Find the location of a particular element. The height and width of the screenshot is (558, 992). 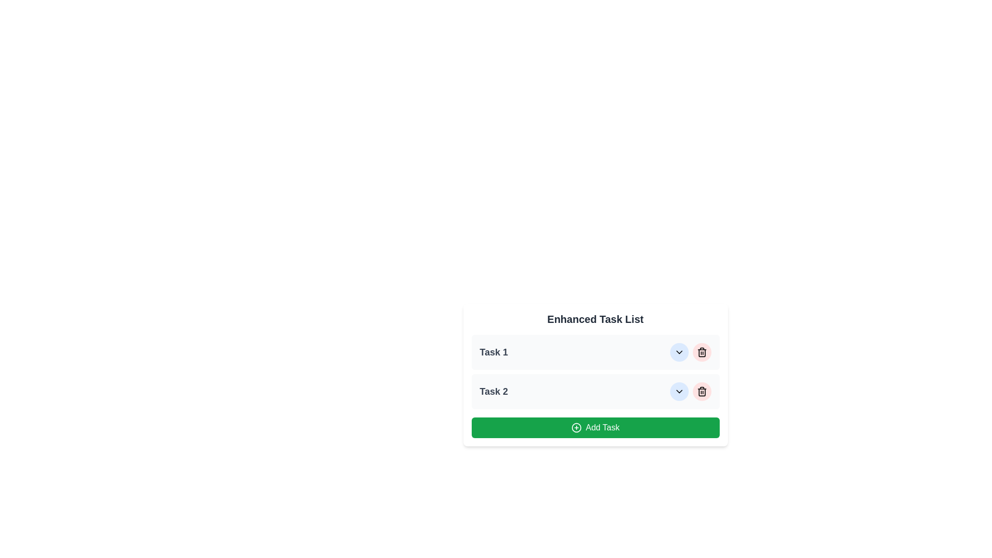

the circular decorative shape that is part of the 'Add Task' button located at the bottom of the task list interface is located at coordinates (576, 428).